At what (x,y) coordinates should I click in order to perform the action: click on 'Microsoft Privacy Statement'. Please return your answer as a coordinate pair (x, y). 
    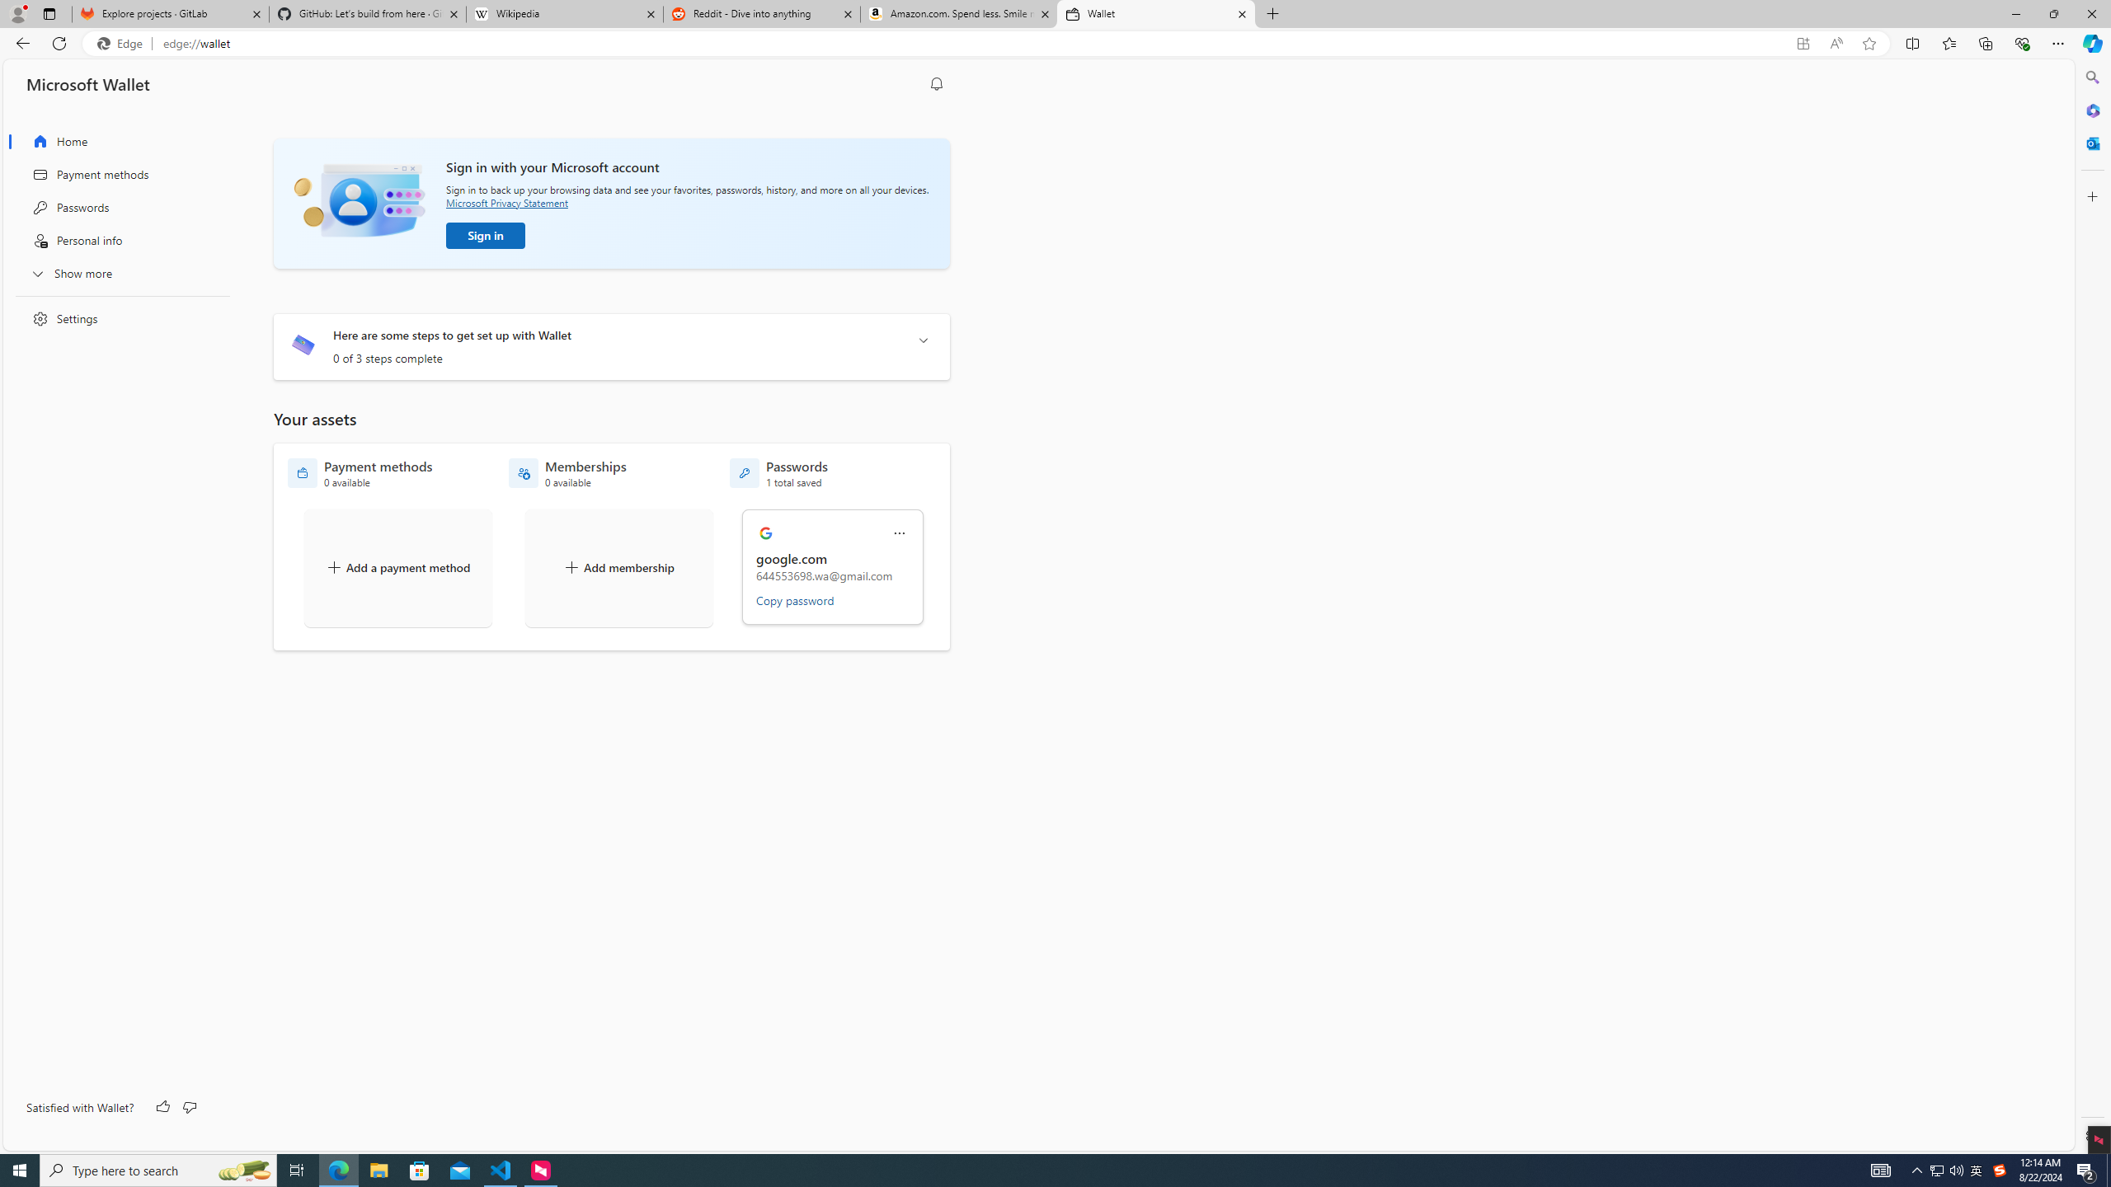
    Looking at the image, I should click on (505, 202).